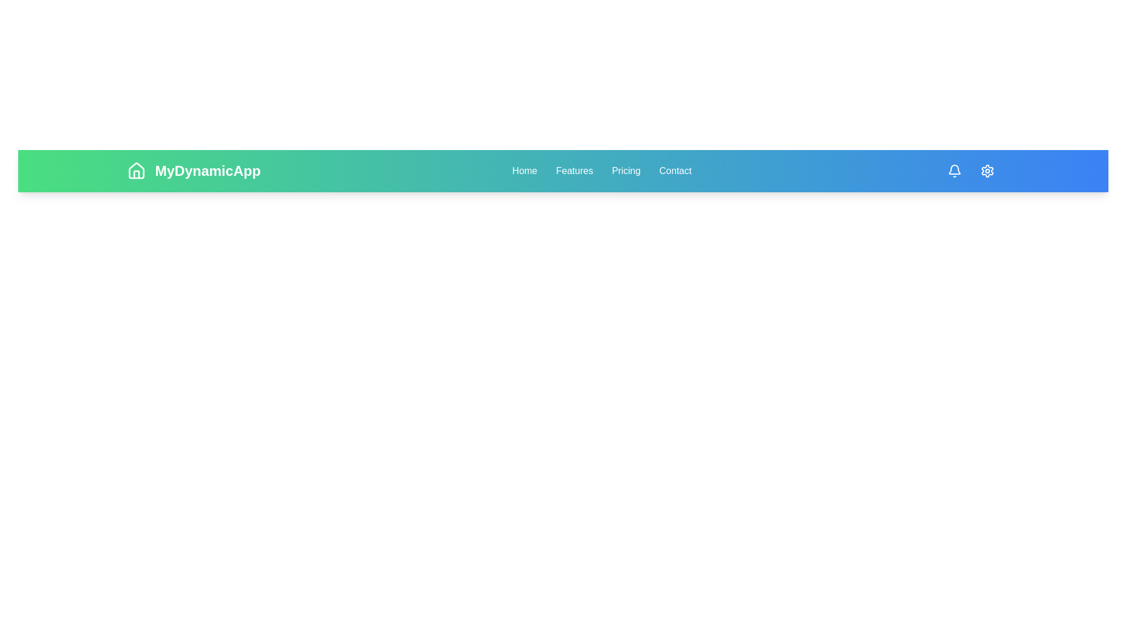 The image size is (1126, 633). What do you see at coordinates (524, 171) in the screenshot?
I see `the Home navigation link to navigate to the respective section` at bounding box center [524, 171].